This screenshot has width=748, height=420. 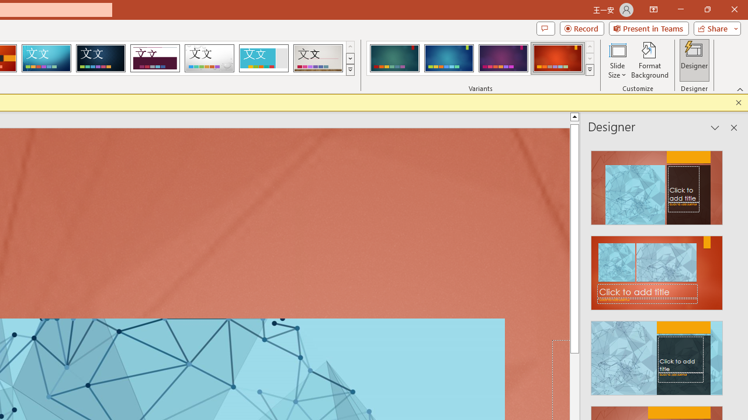 I want to click on 'Ion Variant 3', so click(x=503, y=58).